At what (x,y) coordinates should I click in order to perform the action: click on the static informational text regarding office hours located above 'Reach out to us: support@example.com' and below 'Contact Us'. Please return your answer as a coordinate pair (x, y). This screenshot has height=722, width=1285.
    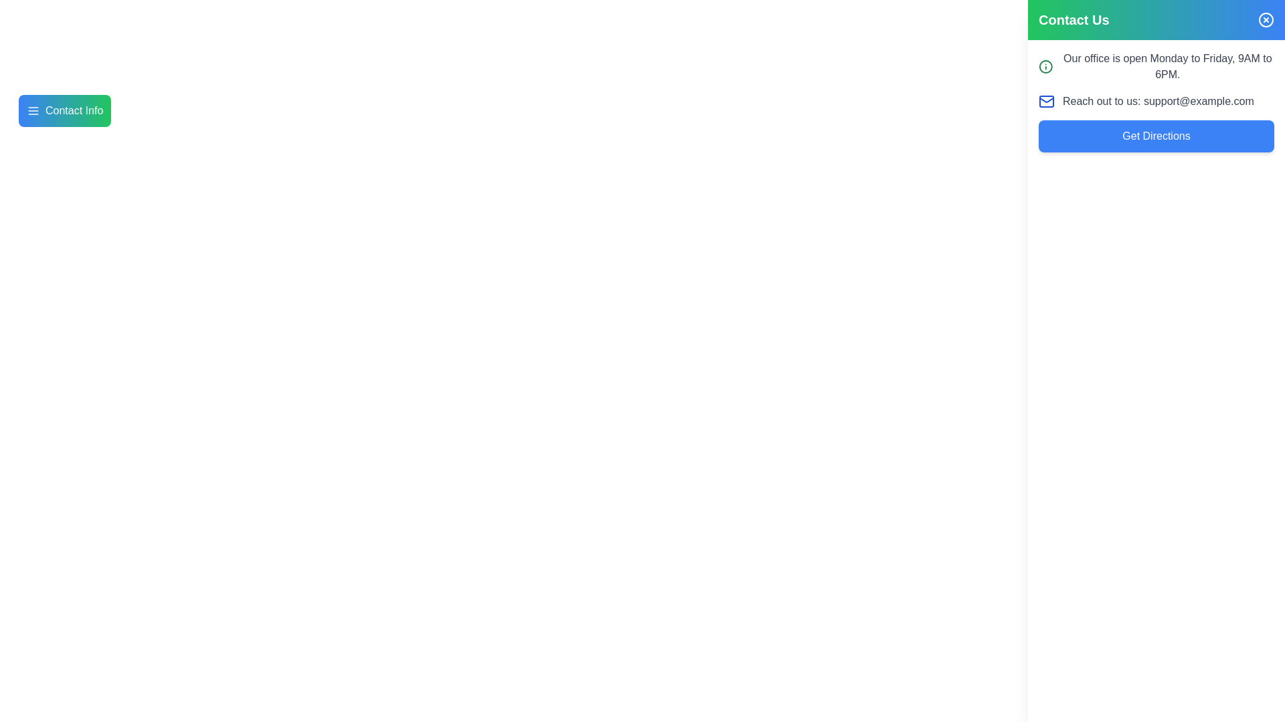
    Looking at the image, I should click on (1156, 67).